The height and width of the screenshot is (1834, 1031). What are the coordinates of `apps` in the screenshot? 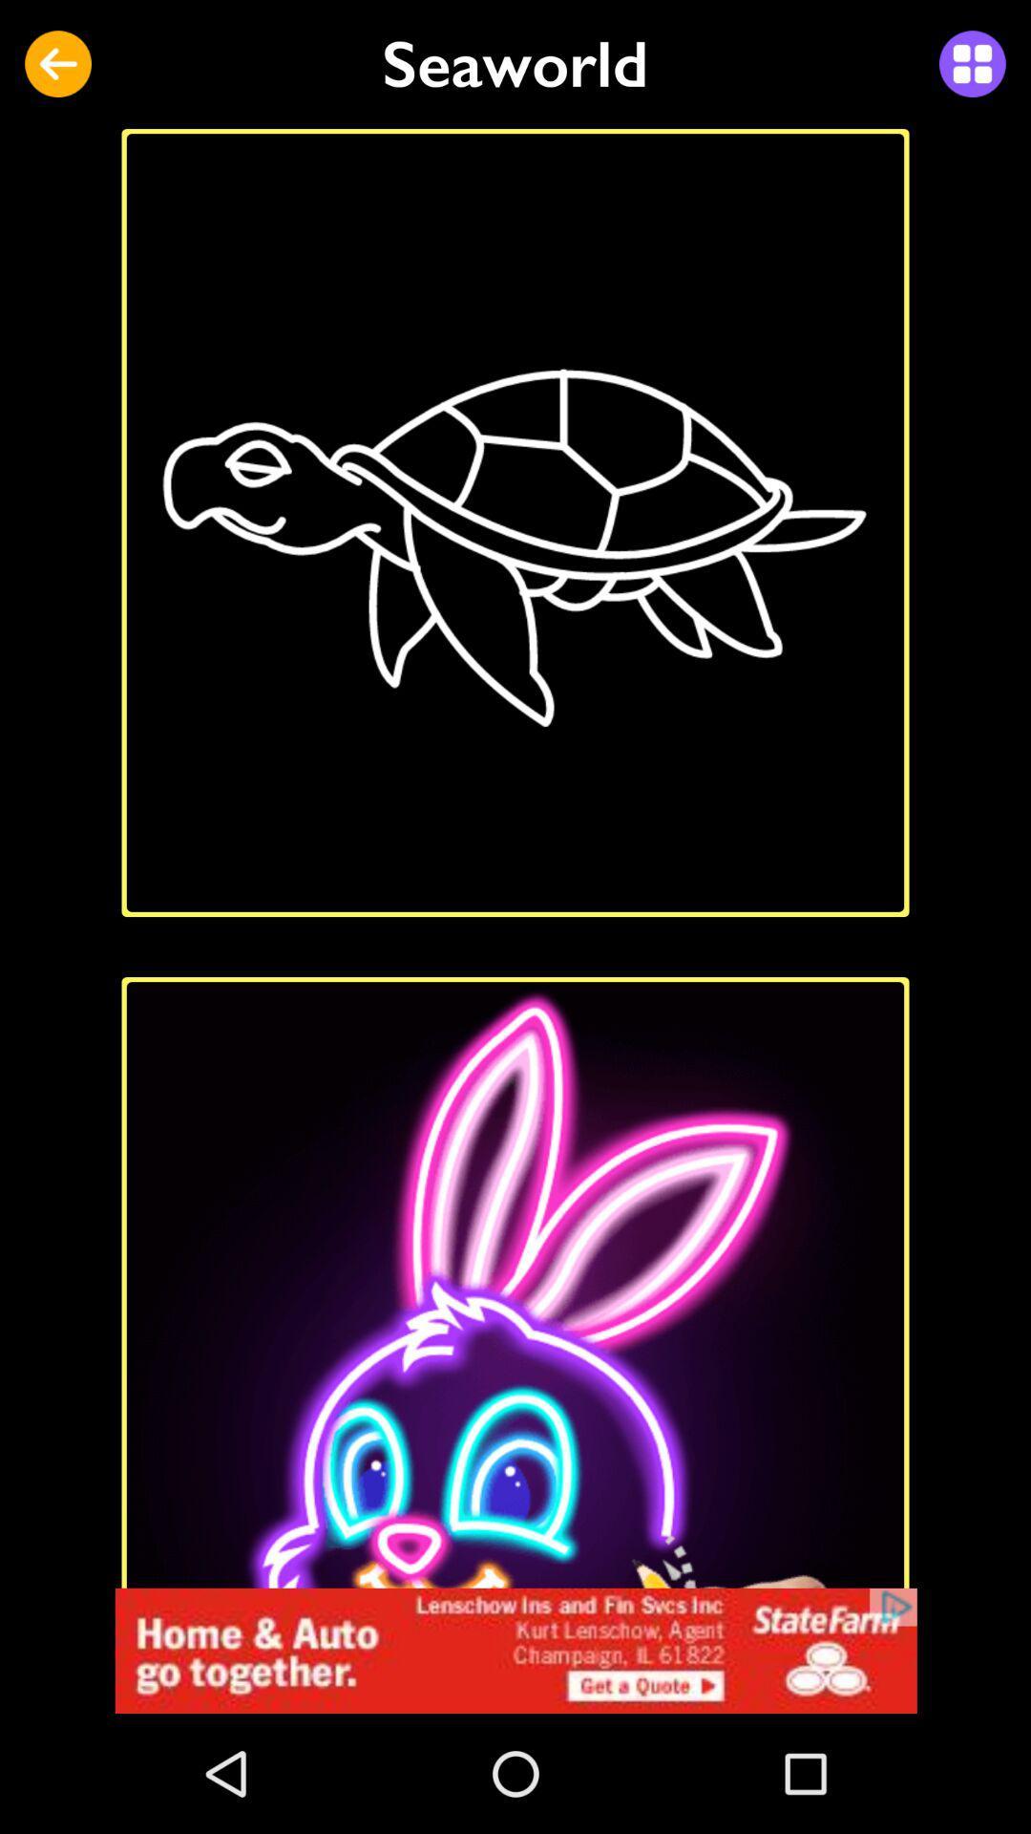 It's located at (972, 64).